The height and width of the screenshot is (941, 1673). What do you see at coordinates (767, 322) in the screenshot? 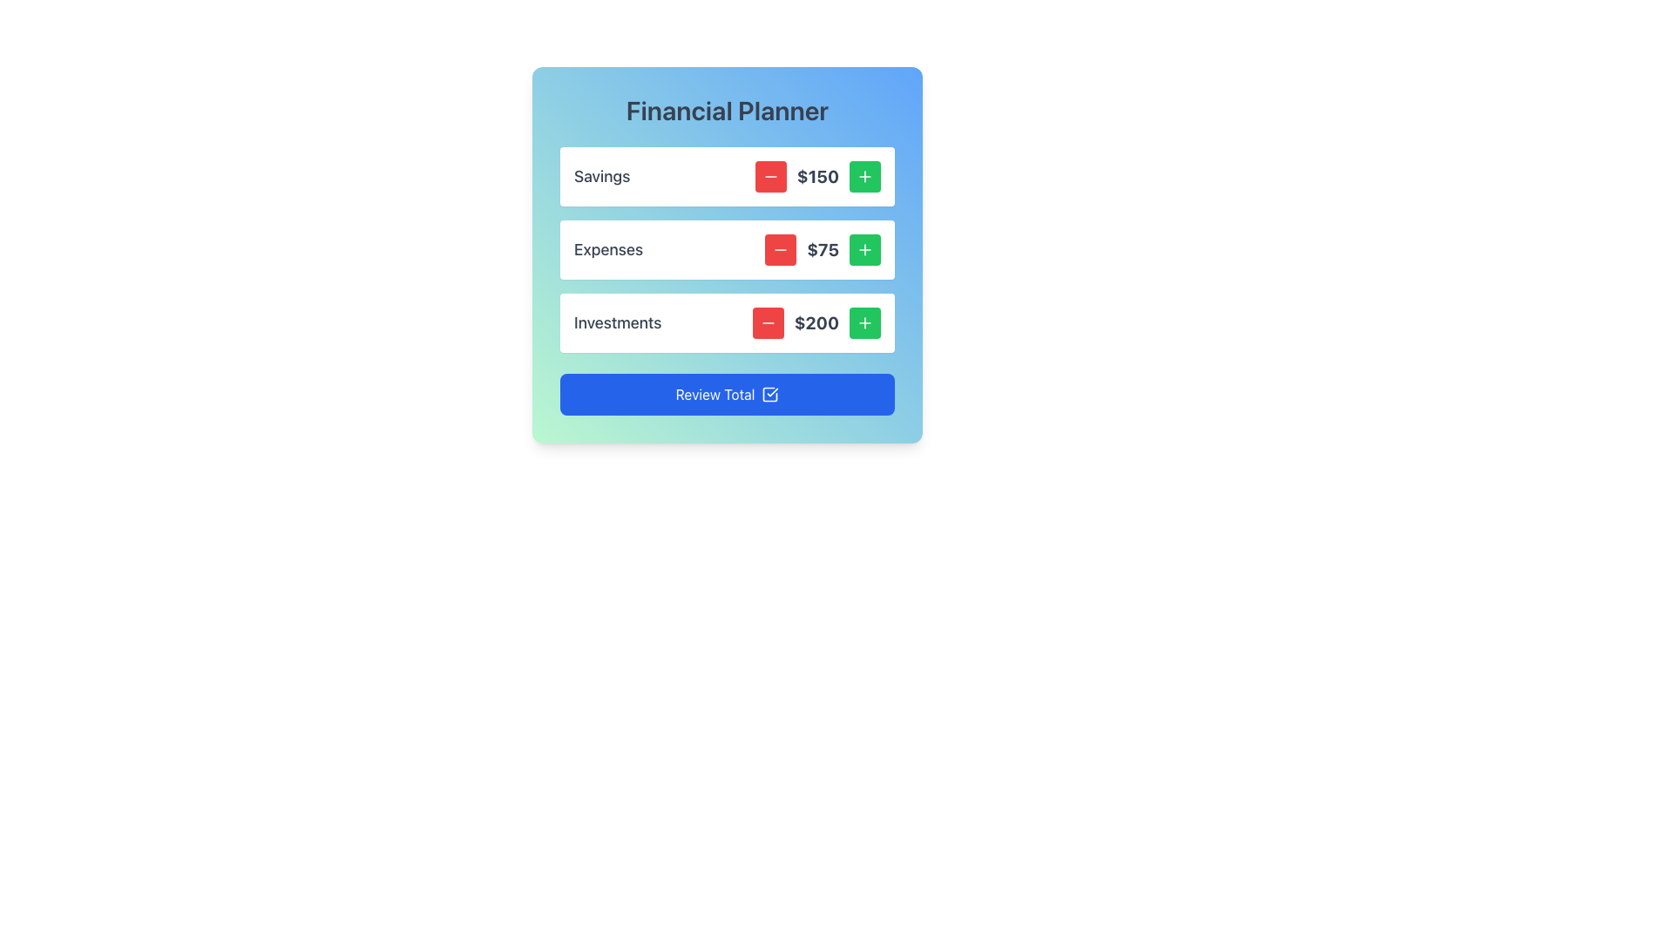
I see `the button used to decrease the value associated with the 'Investments' category, which is positioned to the left of the text '$200' and before a green button with a plus icon` at bounding box center [767, 322].